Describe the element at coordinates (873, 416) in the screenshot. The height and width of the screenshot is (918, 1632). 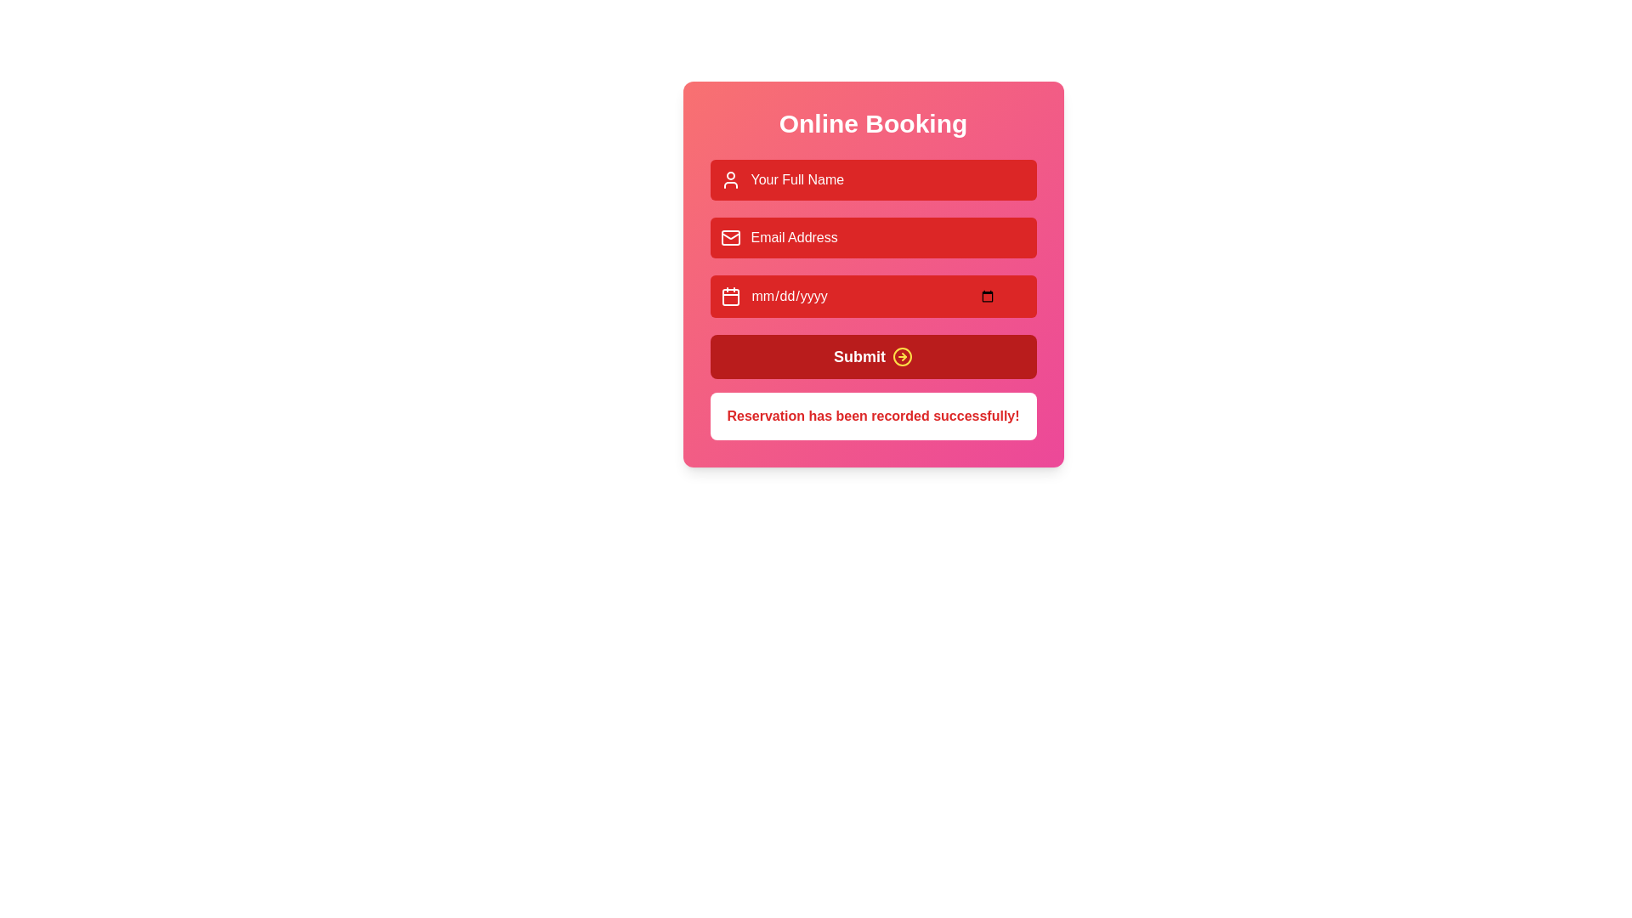
I see `the confirmation message Text Display Box located below the 'Submit' button, which notifies users of successful reservation recording` at that location.